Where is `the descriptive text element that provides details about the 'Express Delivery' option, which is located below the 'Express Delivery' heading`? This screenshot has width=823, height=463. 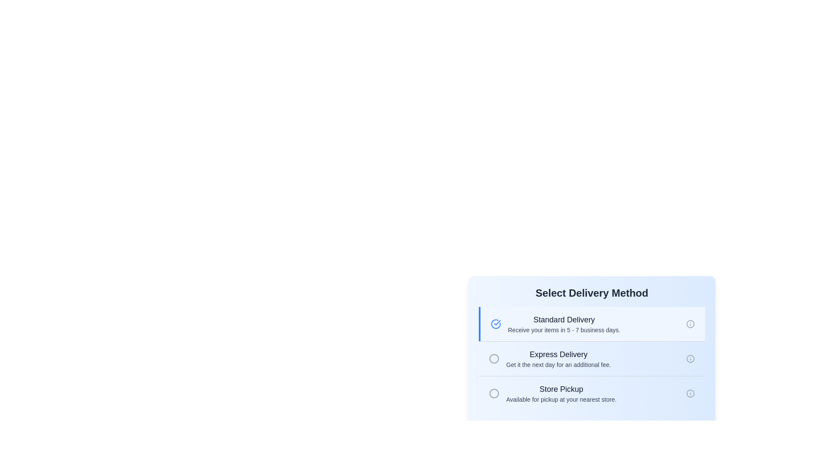
the descriptive text element that provides details about the 'Express Delivery' option, which is located below the 'Express Delivery' heading is located at coordinates (559, 365).